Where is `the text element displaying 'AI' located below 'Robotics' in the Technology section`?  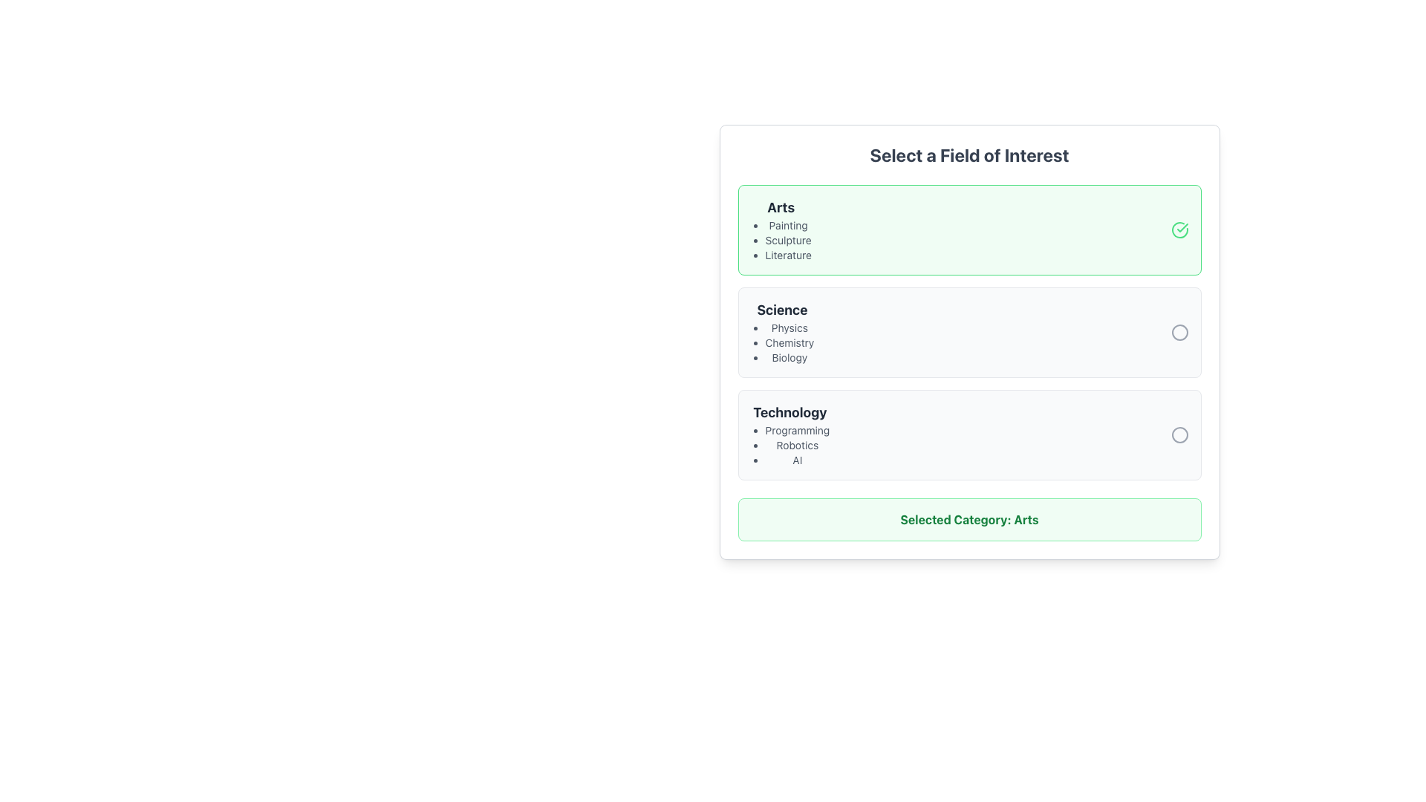 the text element displaying 'AI' located below 'Robotics' in the Technology section is located at coordinates (796, 460).